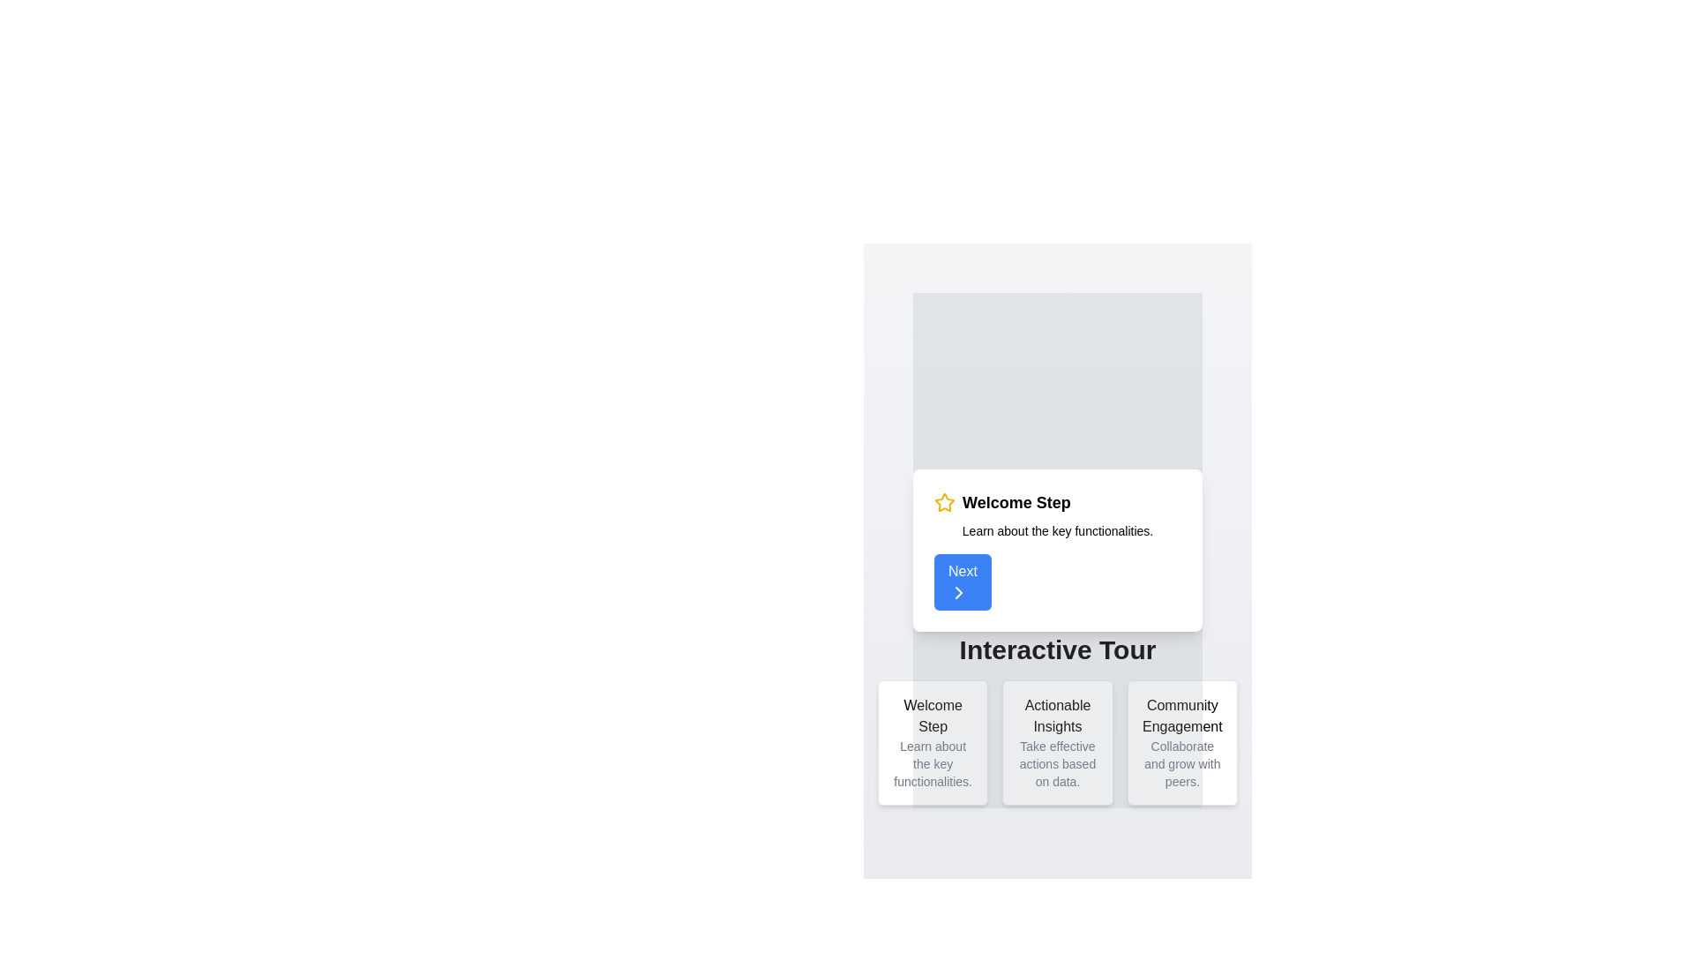 Image resolution: width=1694 pixels, height=953 pixels. I want to click on content displayed on the 'Actionable Insights' informational card, which is the middle card in a trio at the bottom of the layout, so click(1058, 742).